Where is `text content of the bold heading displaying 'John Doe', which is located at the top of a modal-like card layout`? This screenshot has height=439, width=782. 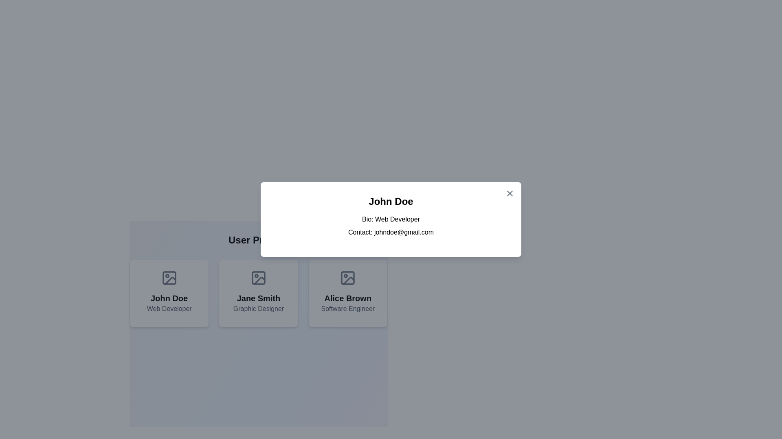 text content of the bold heading displaying 'John Doe', which is located at the top of a modal-like card layout is located at coordinates (391, 201).